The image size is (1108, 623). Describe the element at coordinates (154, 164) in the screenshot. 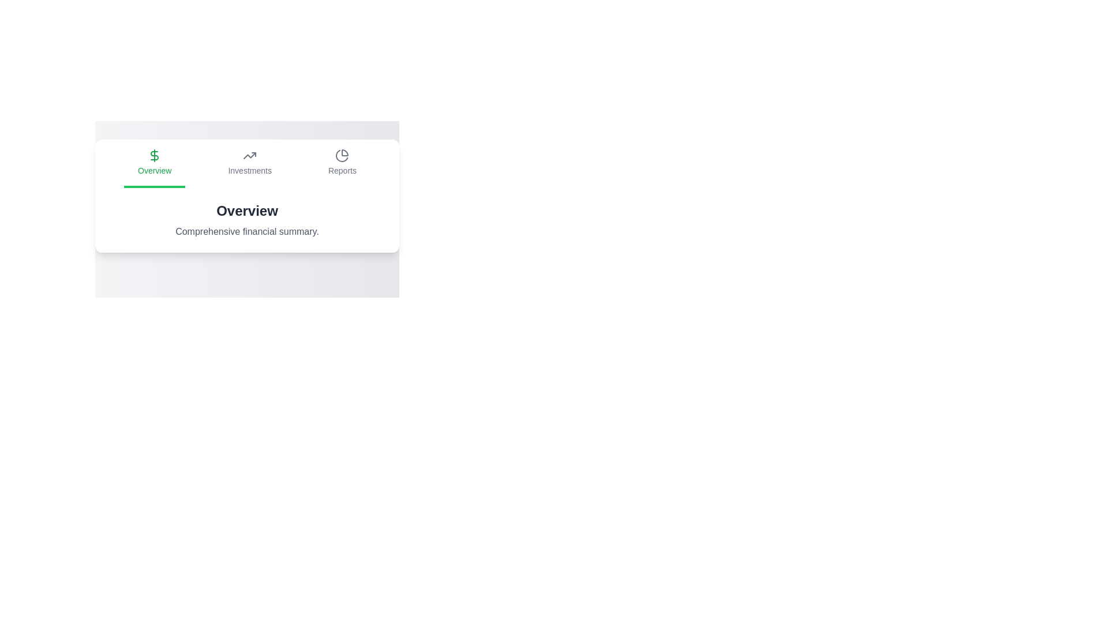

I see `the Overview tab` at that location.